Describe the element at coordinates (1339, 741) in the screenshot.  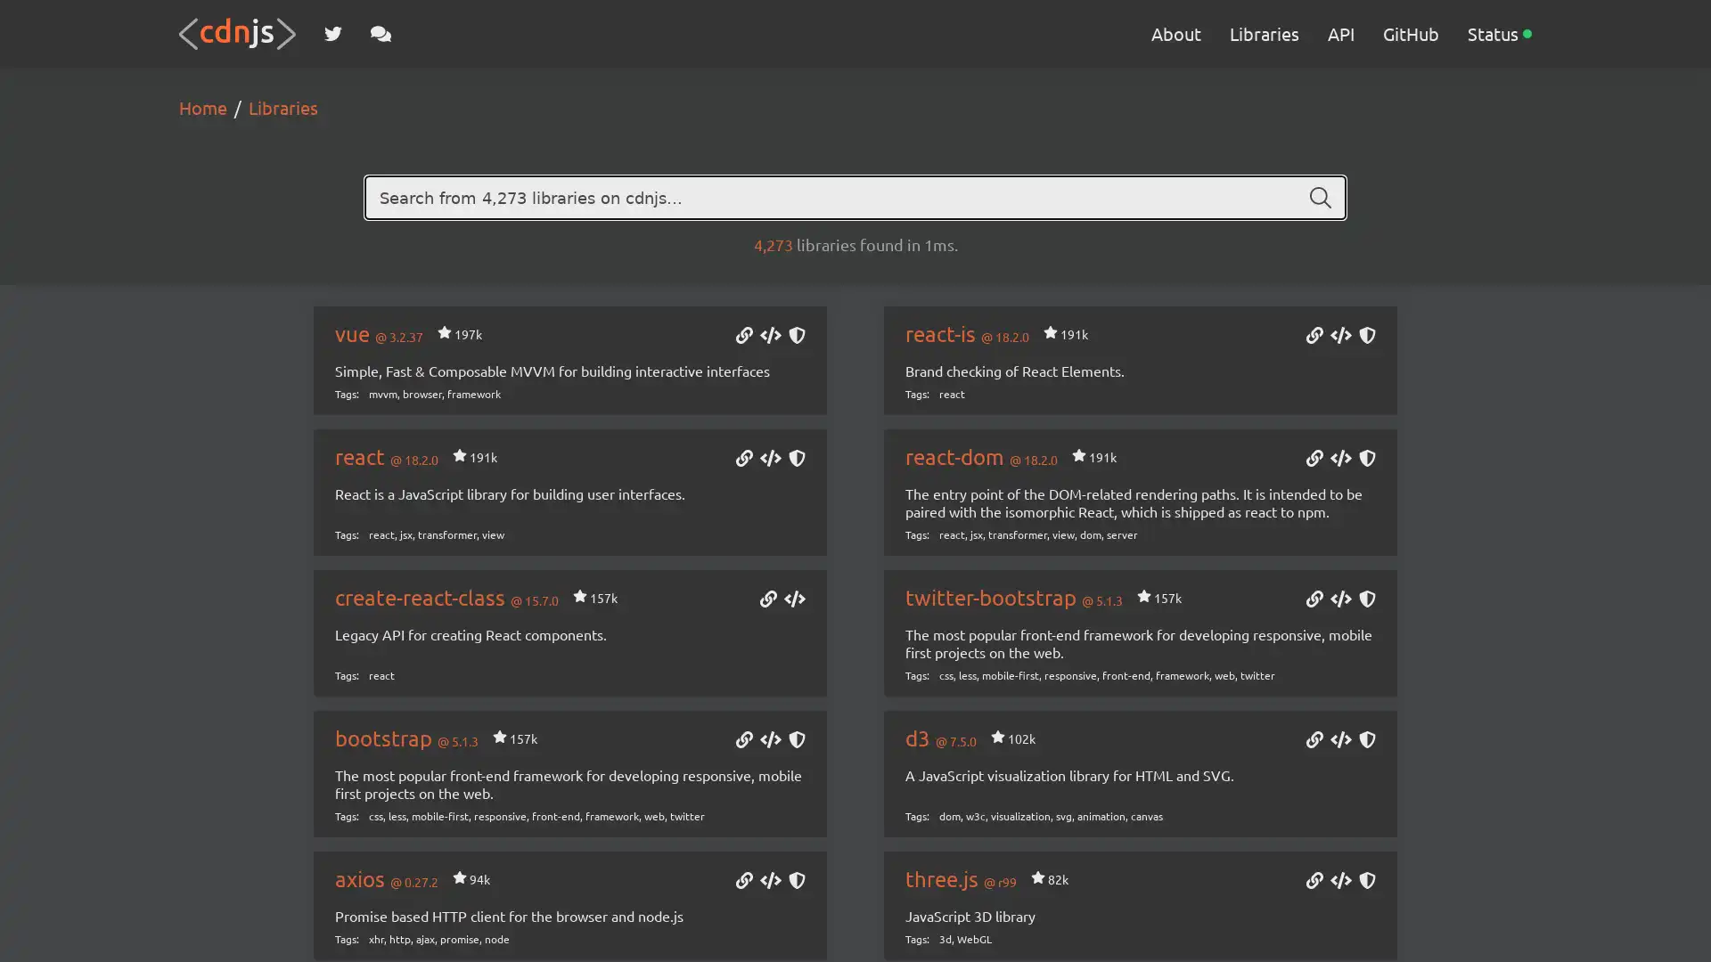
I see `Copy Script Tag` at that location.